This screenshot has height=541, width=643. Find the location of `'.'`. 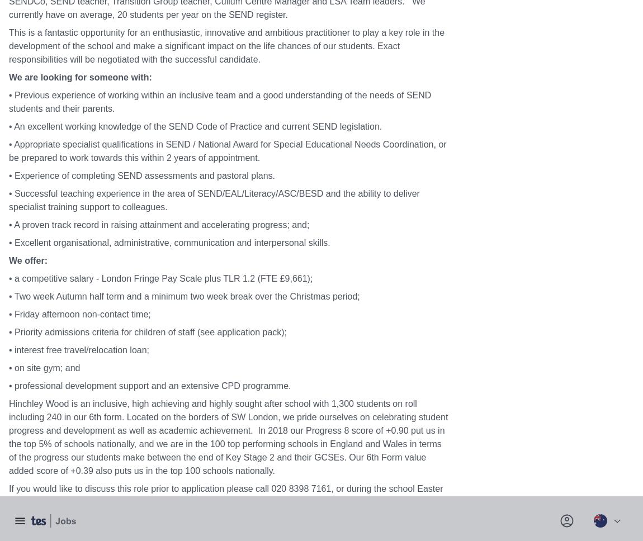

'.' is located at coordinates (443, 182).